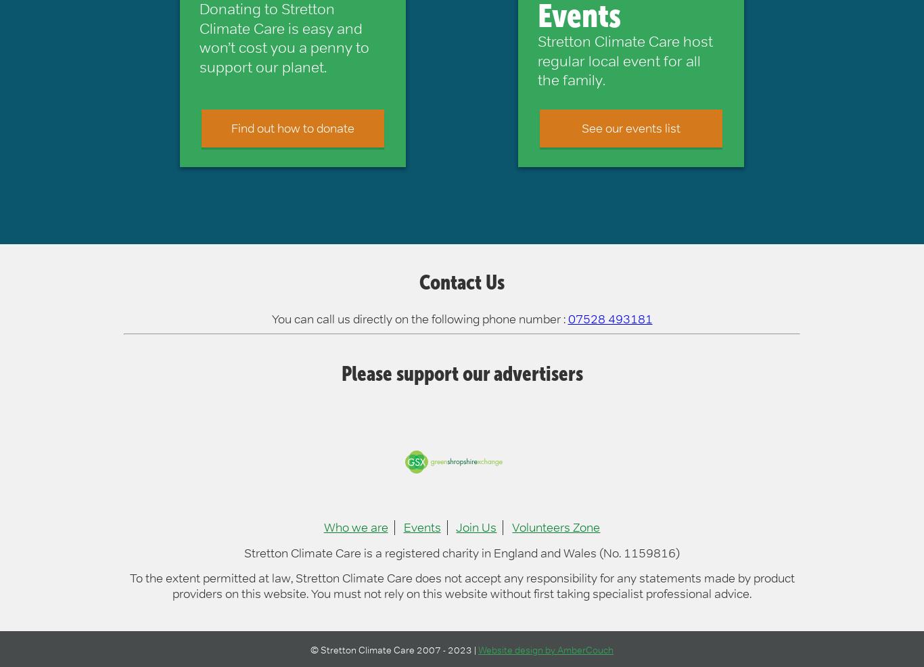  I want to click on 'Donating to Stretton Climate Care is easy and won’t cost you a penny to support our planet.', so click(198, 37).